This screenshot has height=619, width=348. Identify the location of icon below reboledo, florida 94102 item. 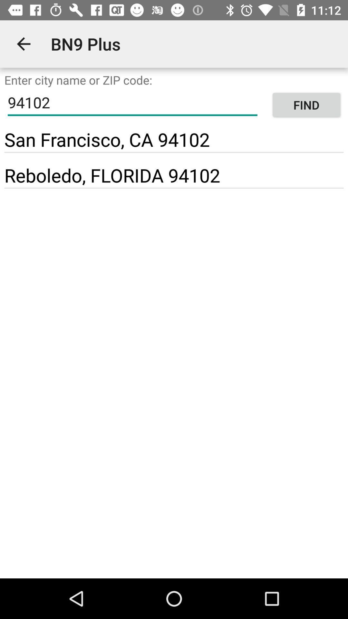
(174, 188).